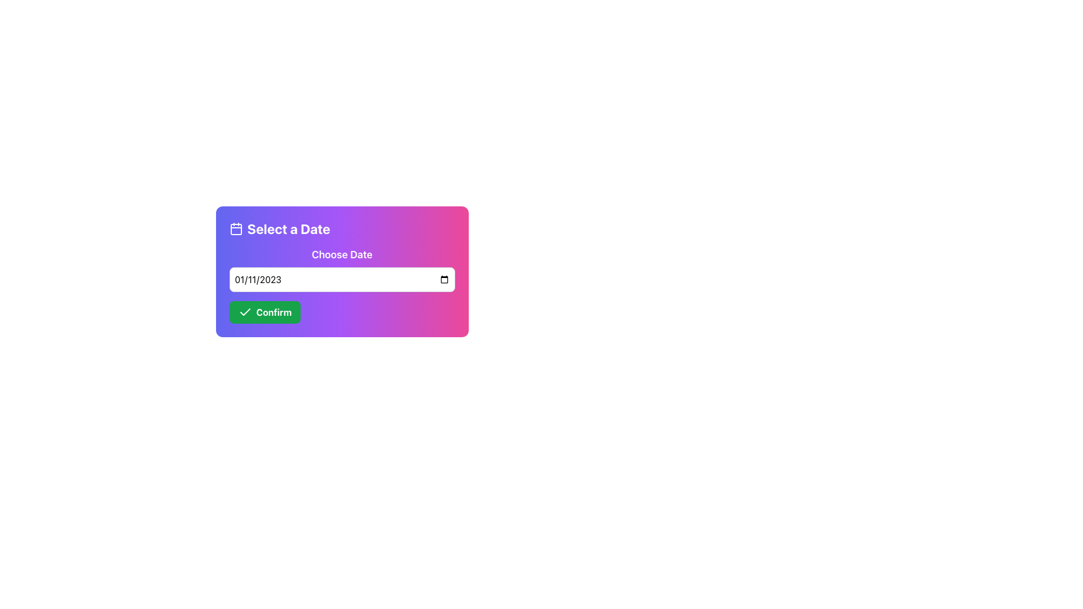 This screenshot has width=1083, height=609. I want to click on the 'Choose Date' text label, which is bold and positioned above the date input box, so click(341, 270).